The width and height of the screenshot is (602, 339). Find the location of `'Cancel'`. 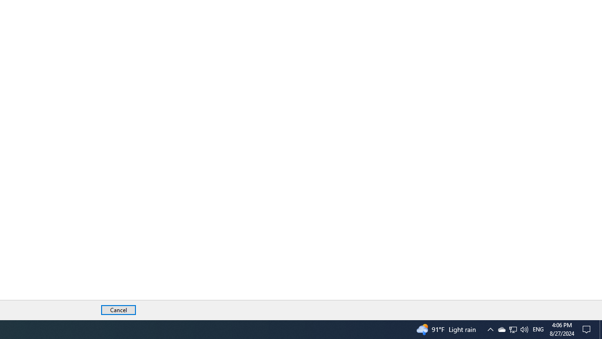

'Cancel' is located at coordinates (118, 310).